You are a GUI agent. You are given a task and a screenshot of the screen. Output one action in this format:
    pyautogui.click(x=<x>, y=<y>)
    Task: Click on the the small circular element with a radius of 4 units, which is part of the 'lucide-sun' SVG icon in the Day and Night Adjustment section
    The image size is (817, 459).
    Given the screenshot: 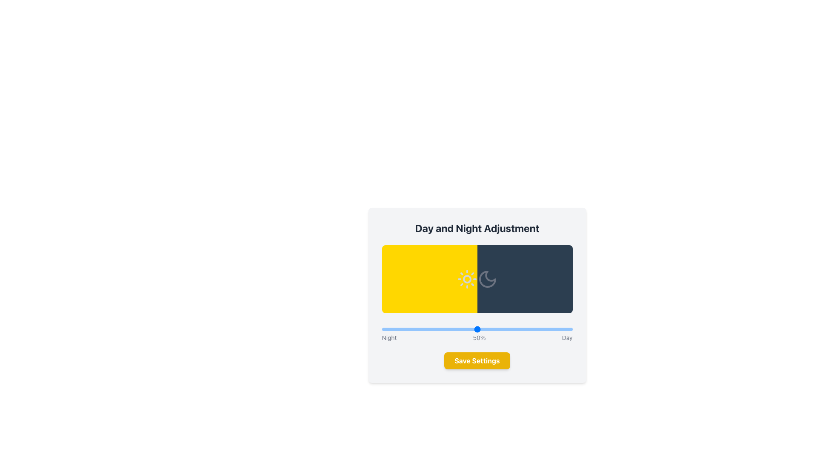 What is the action you would take?
    pyautogui.click(x=466, y=279)
    